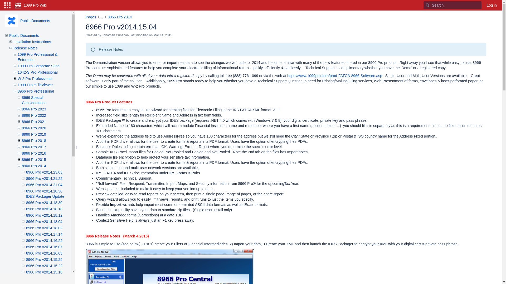 This screenshot has height=284, width=506. What do you see at coordinates (11, 20) in the screenshot?
I see `'Public Documents'` at bounding box center [11, 20].